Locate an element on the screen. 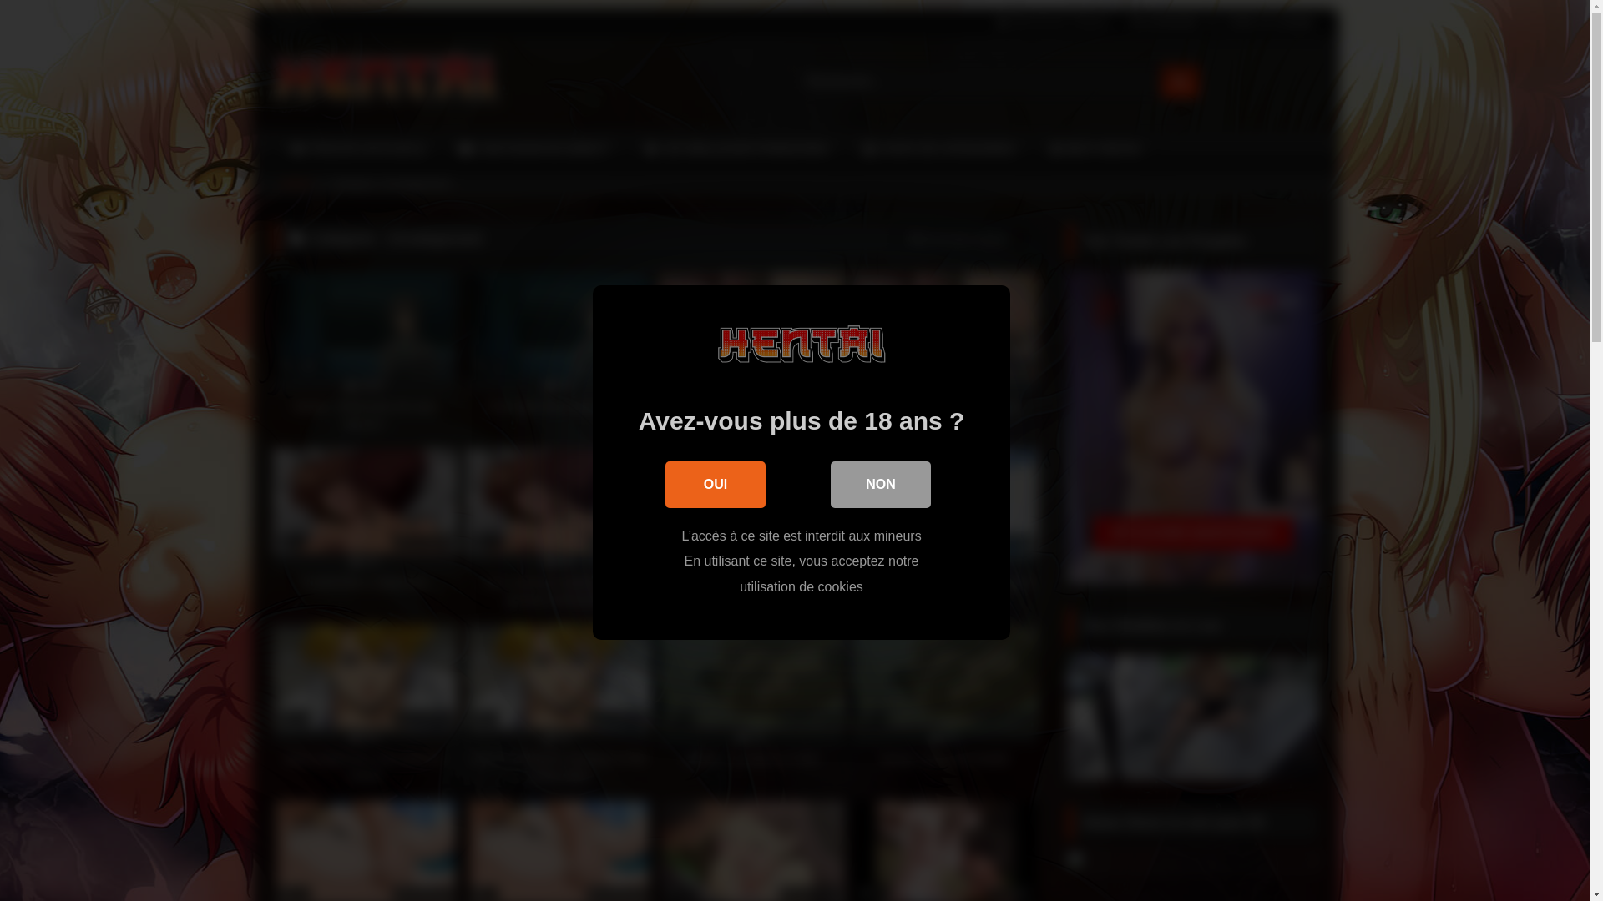 The height and width of the screenshot is (901, 1603). 'TROUVE UN PLAN Q' is located at coordinates (357, 148).